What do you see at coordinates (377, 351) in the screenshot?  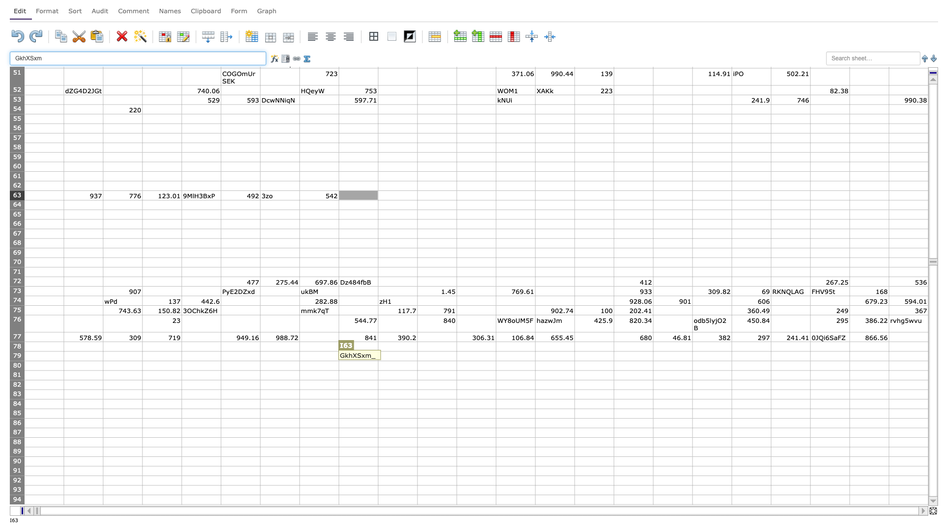 I see `Upper left corner of cell J79` at bounding box center [377, 351].